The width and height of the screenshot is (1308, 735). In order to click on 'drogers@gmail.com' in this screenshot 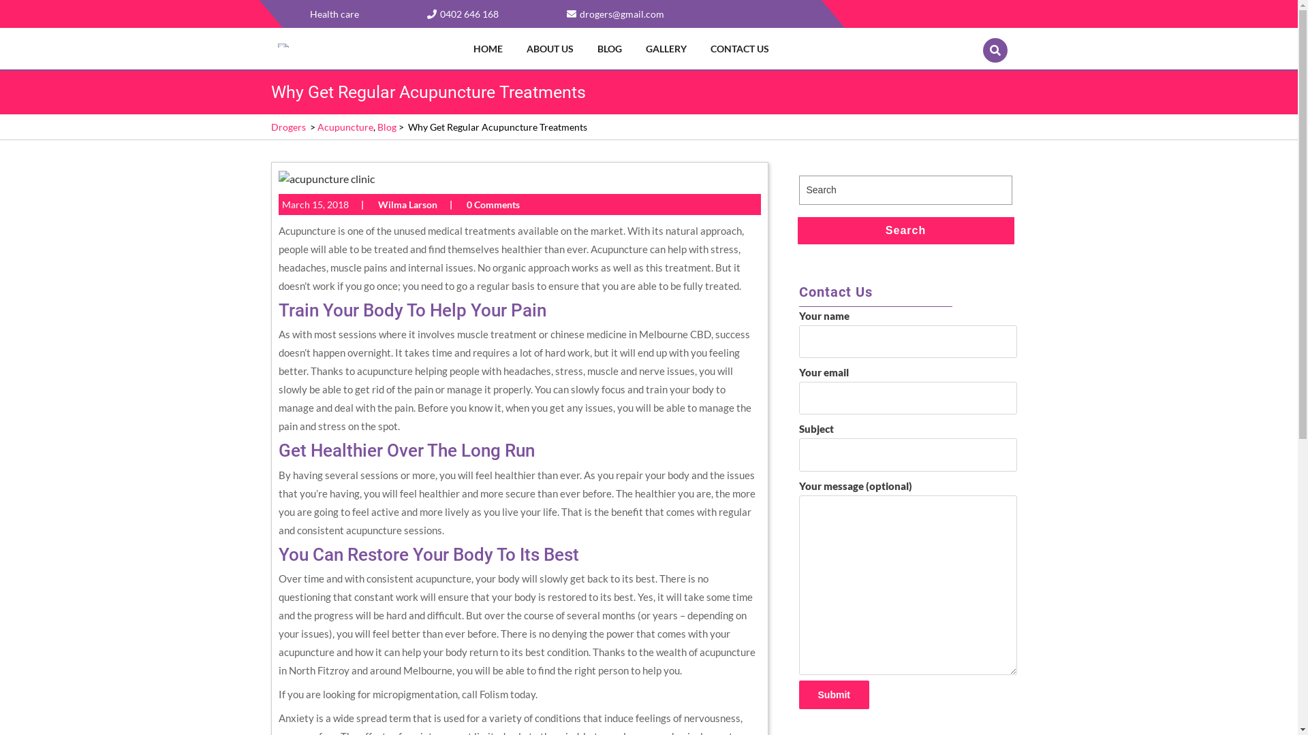, I will do `click(621, 14)`.